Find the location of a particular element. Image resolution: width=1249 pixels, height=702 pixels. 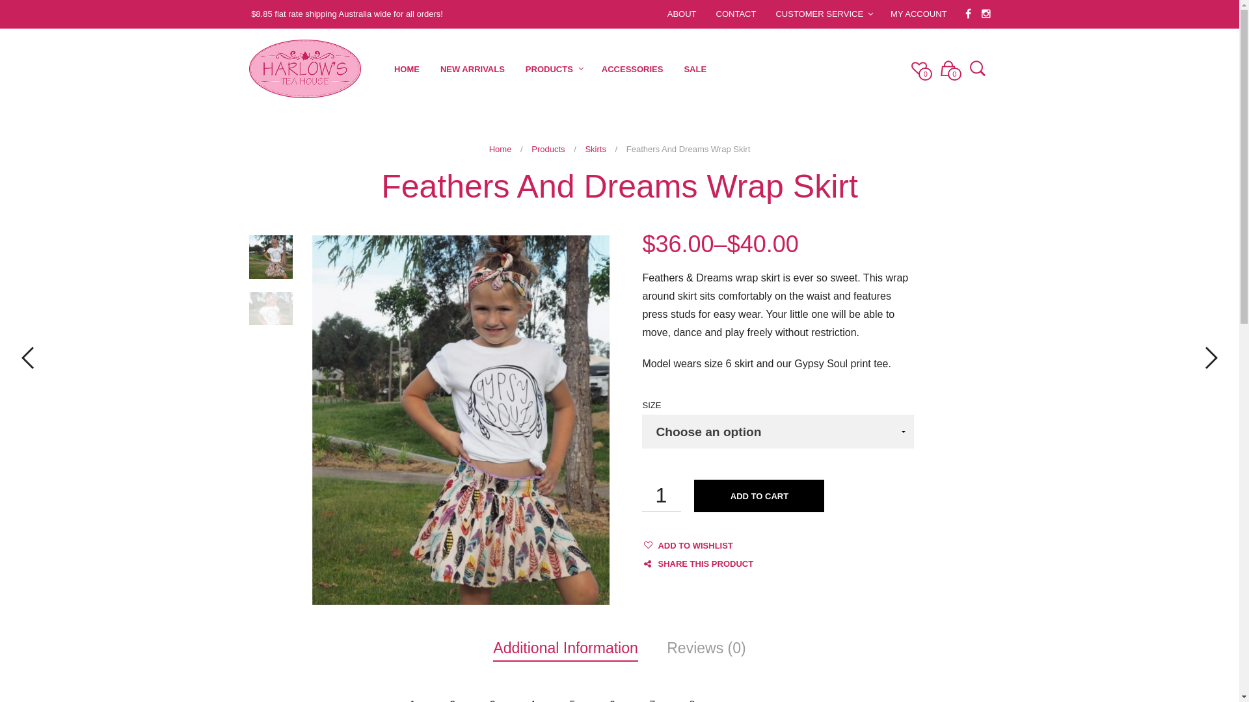

'Products' is located at coordinates (548, 148).